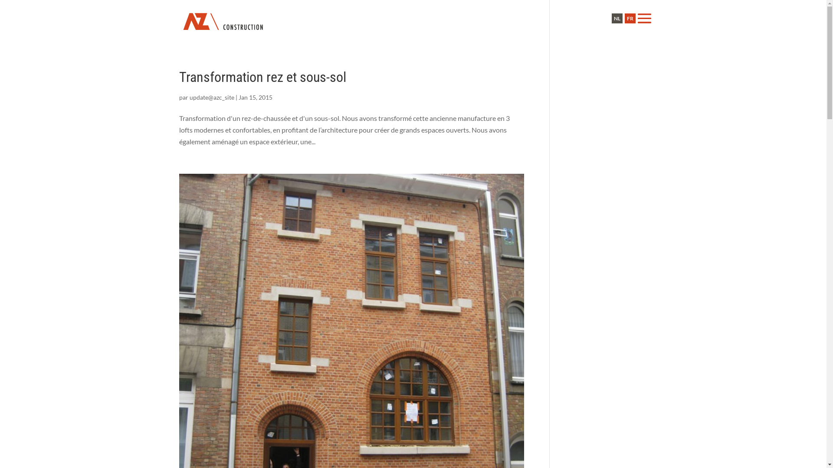 The image size is (833, 468). Describe the element at coordinates (262, 76) in the screenshot. I see `'Transformation rez et sous-sol'` at that location.